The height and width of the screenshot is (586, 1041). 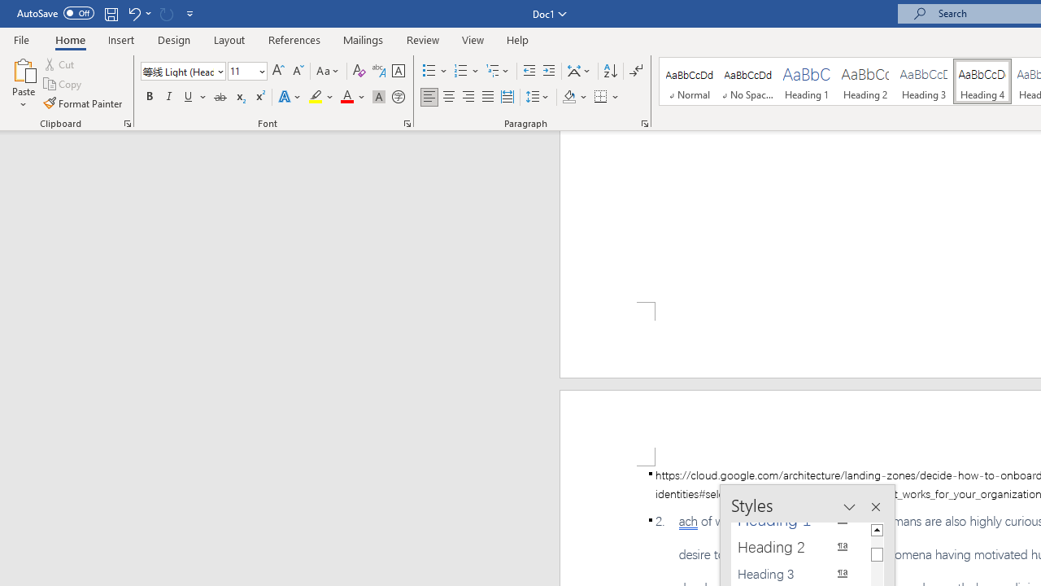 What do you see at coordinates (298, 70) in the screenshot?
I see `'Shrink Font'` at bounding box center [298, 70].